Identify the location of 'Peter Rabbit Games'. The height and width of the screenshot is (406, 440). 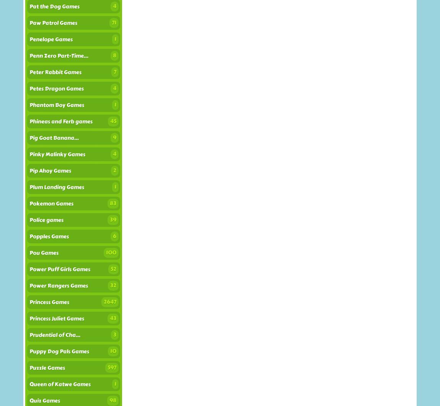
(55, 72).